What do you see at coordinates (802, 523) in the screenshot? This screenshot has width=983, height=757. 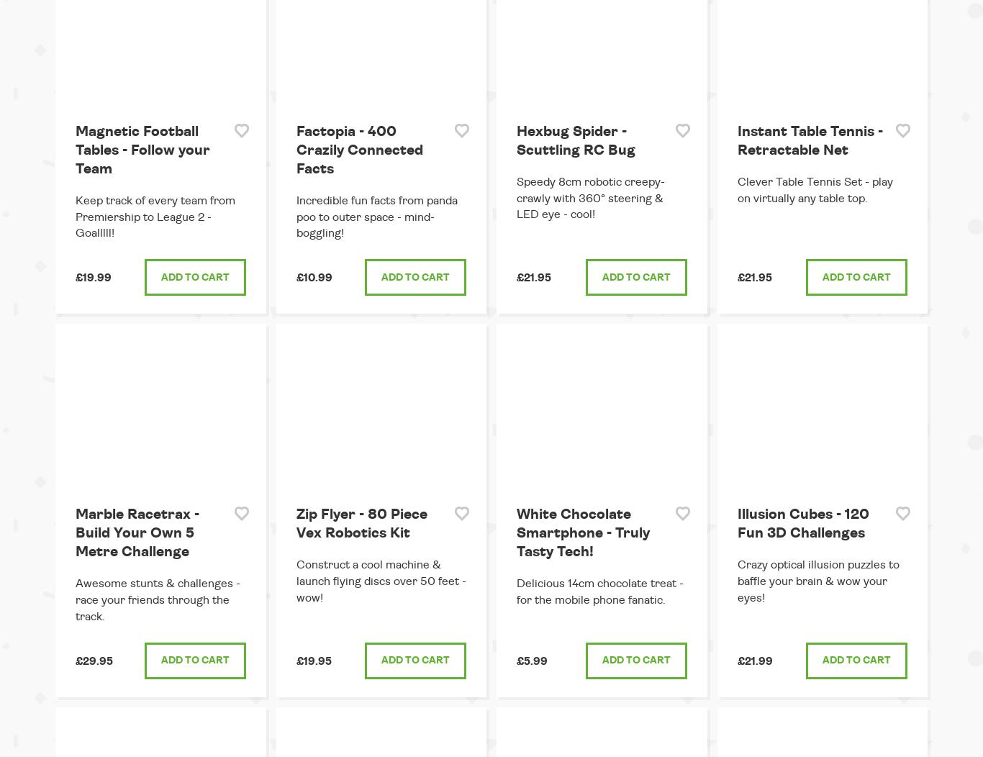 I see `'Illusion Cubes - 120 Fun 3D Challenges'` at bounding box center [802, 523].